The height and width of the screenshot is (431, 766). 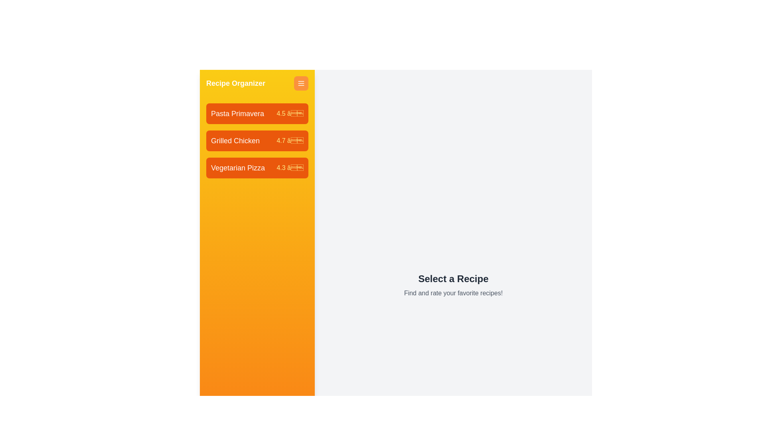 I want to click on the recipe item labeled Vegetarian Pizza, so click(x=257, y=167).